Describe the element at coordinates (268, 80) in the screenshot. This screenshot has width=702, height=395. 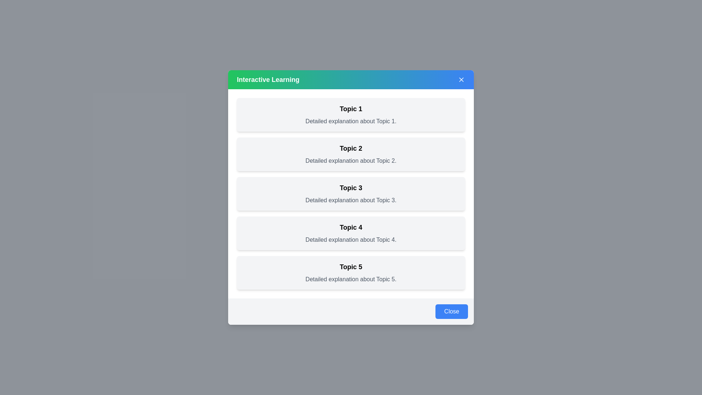
I see `the title 'Interactive Learning' in the dialog` at that location.